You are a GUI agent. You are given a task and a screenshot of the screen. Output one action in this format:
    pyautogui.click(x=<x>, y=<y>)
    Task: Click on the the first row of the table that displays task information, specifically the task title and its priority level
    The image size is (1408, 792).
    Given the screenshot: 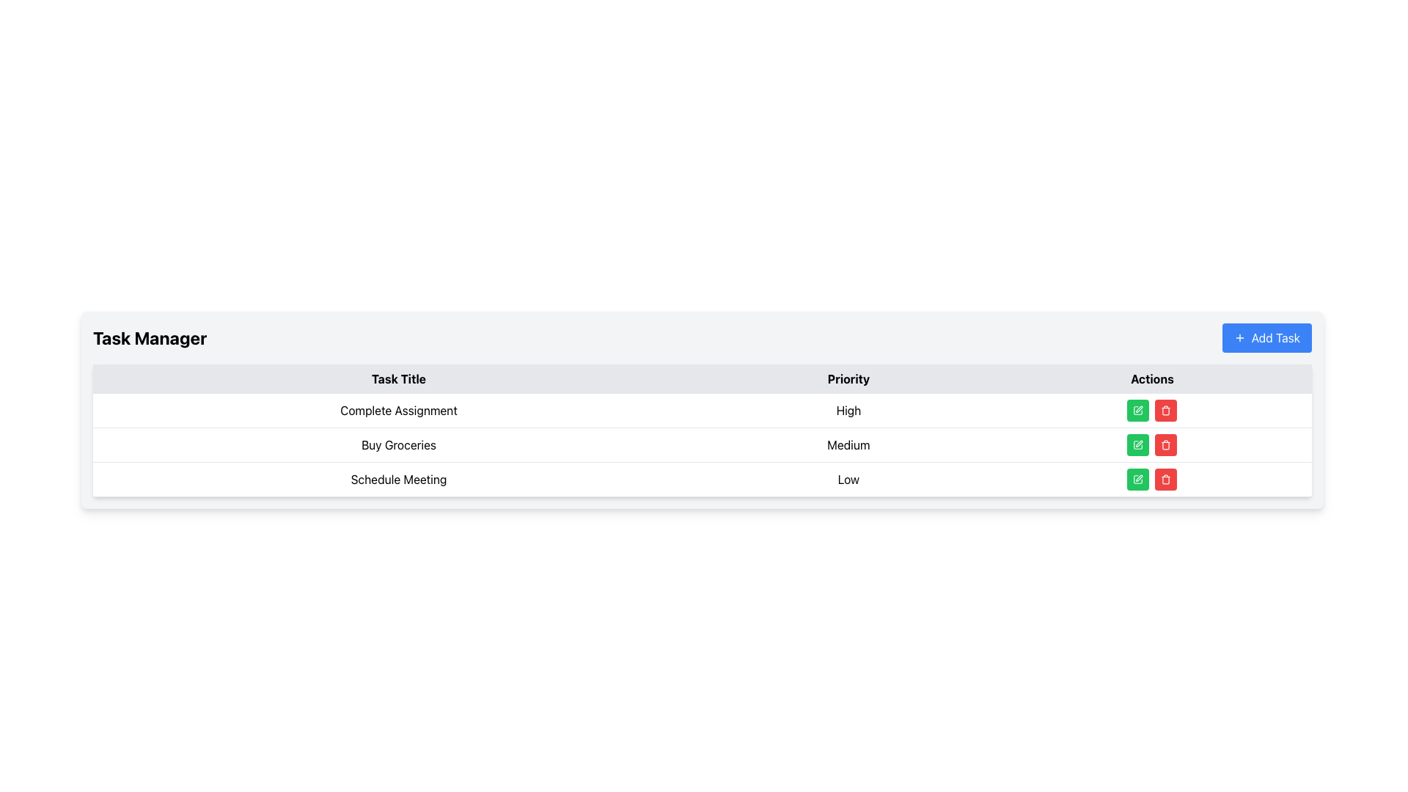 What is the action you would take?
    pyautogui.click(x=702, y=410)
    